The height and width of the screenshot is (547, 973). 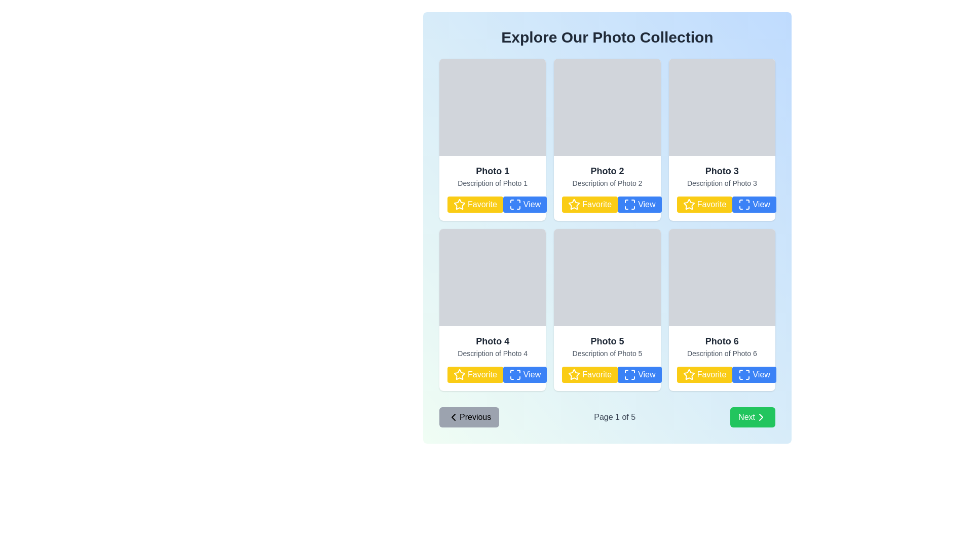 What do you see at coordinates (721, 341) in the screenshot?
I see `the primary title text label located at the top of the bottom-right card in the 3x2 card grid, which is directly above the subtitle 'Description of Photo 6' and aligned with the action buttons 'Favorite' and 'View'` at bounding box center [721, 341].